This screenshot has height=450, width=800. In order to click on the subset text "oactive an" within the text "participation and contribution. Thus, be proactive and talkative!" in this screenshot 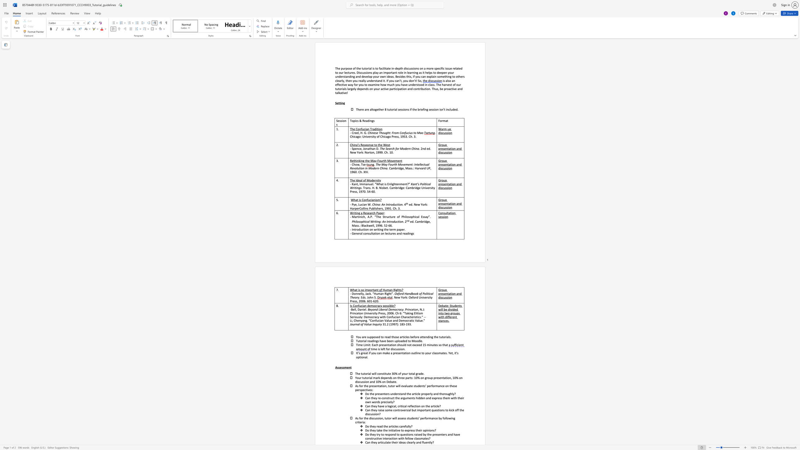, I will do `click(447, 88)`.